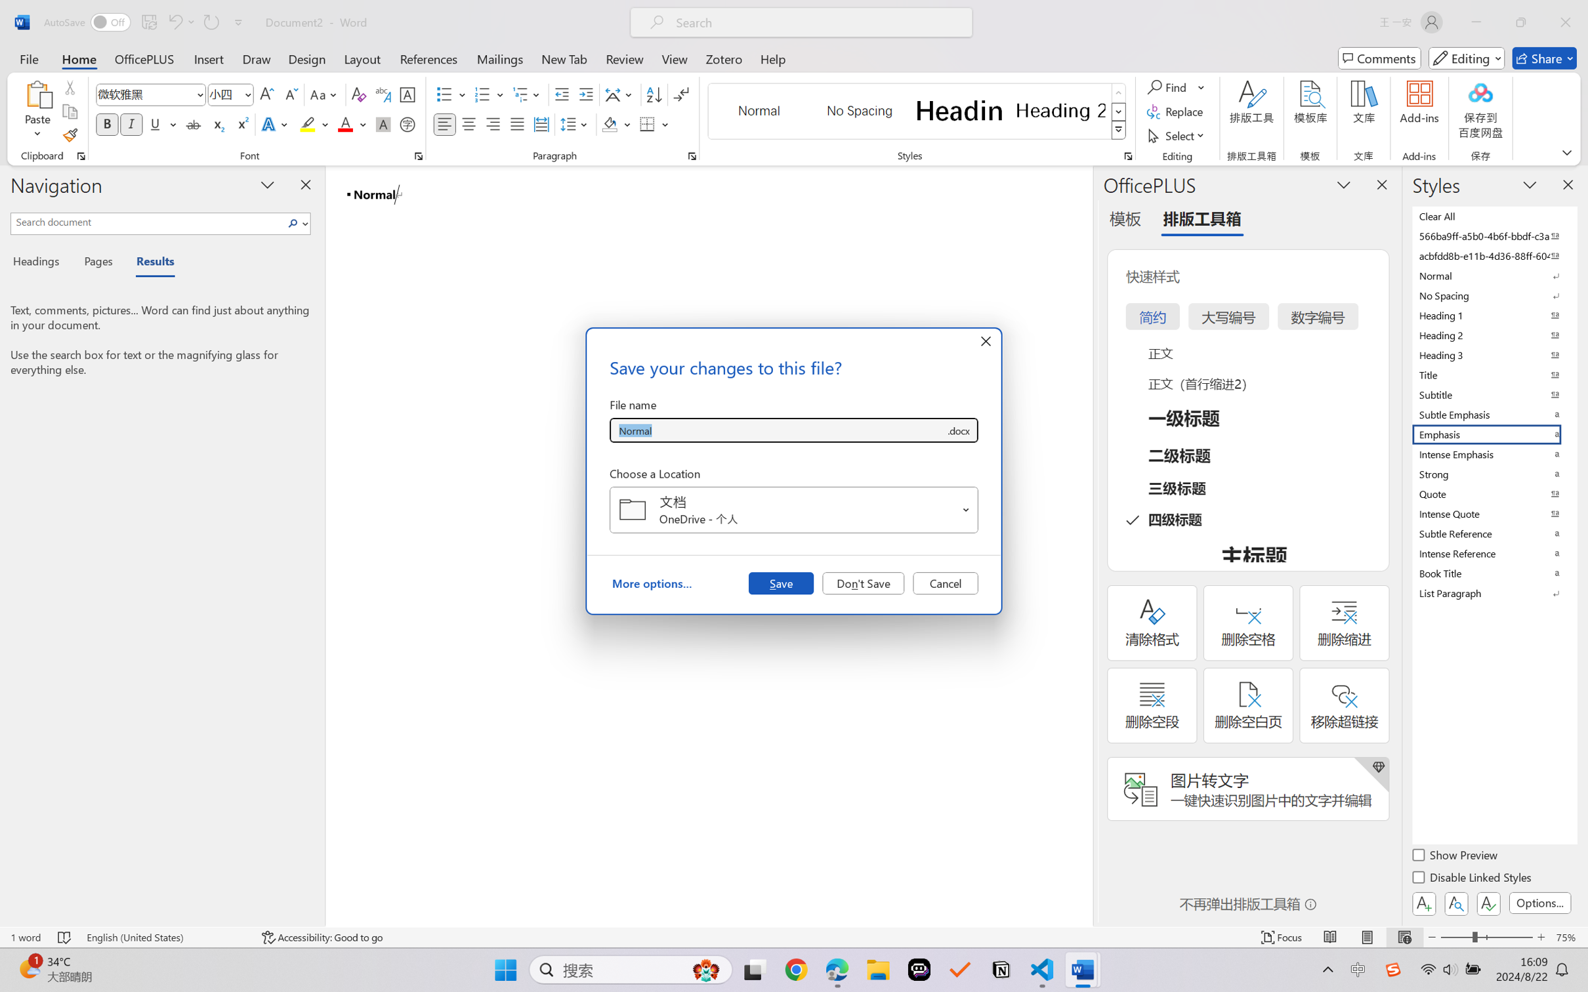 Image resolution: width=1588 pixels, height=992 pixels. Describe the element at coordinates (1493, 592) in the screenshot. I see `'List Paragraph'` at that location.